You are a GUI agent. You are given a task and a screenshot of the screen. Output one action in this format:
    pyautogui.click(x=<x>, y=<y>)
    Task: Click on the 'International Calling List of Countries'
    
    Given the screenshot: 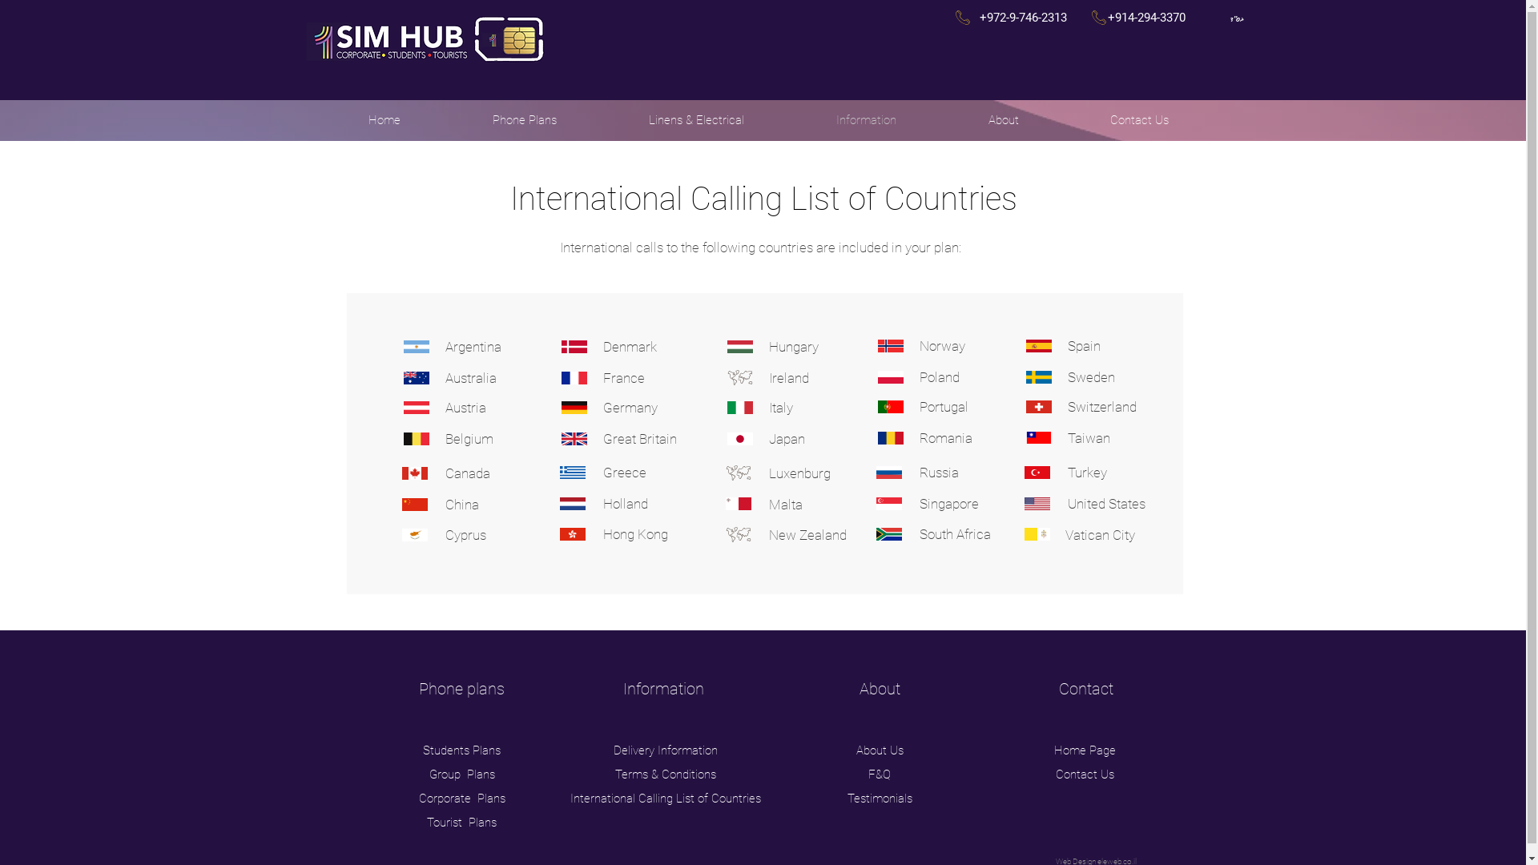 What is the action you would take?
    pyautogui.click(x=665, y=798)
    